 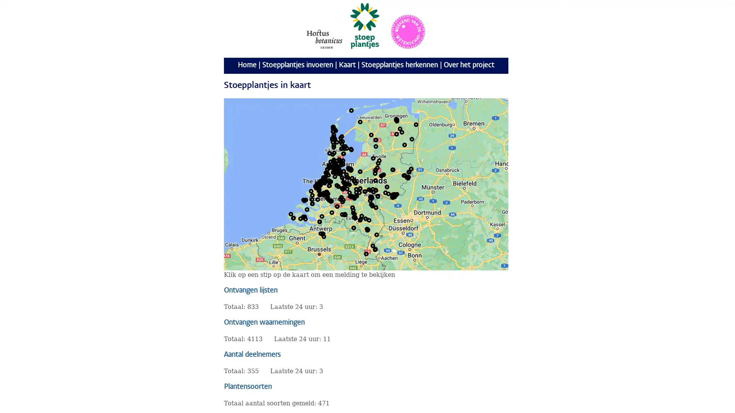 I want to click on Telling van Wetenschapsclub Stevenshof op 19 april 2022, so click(x=322, y=181).